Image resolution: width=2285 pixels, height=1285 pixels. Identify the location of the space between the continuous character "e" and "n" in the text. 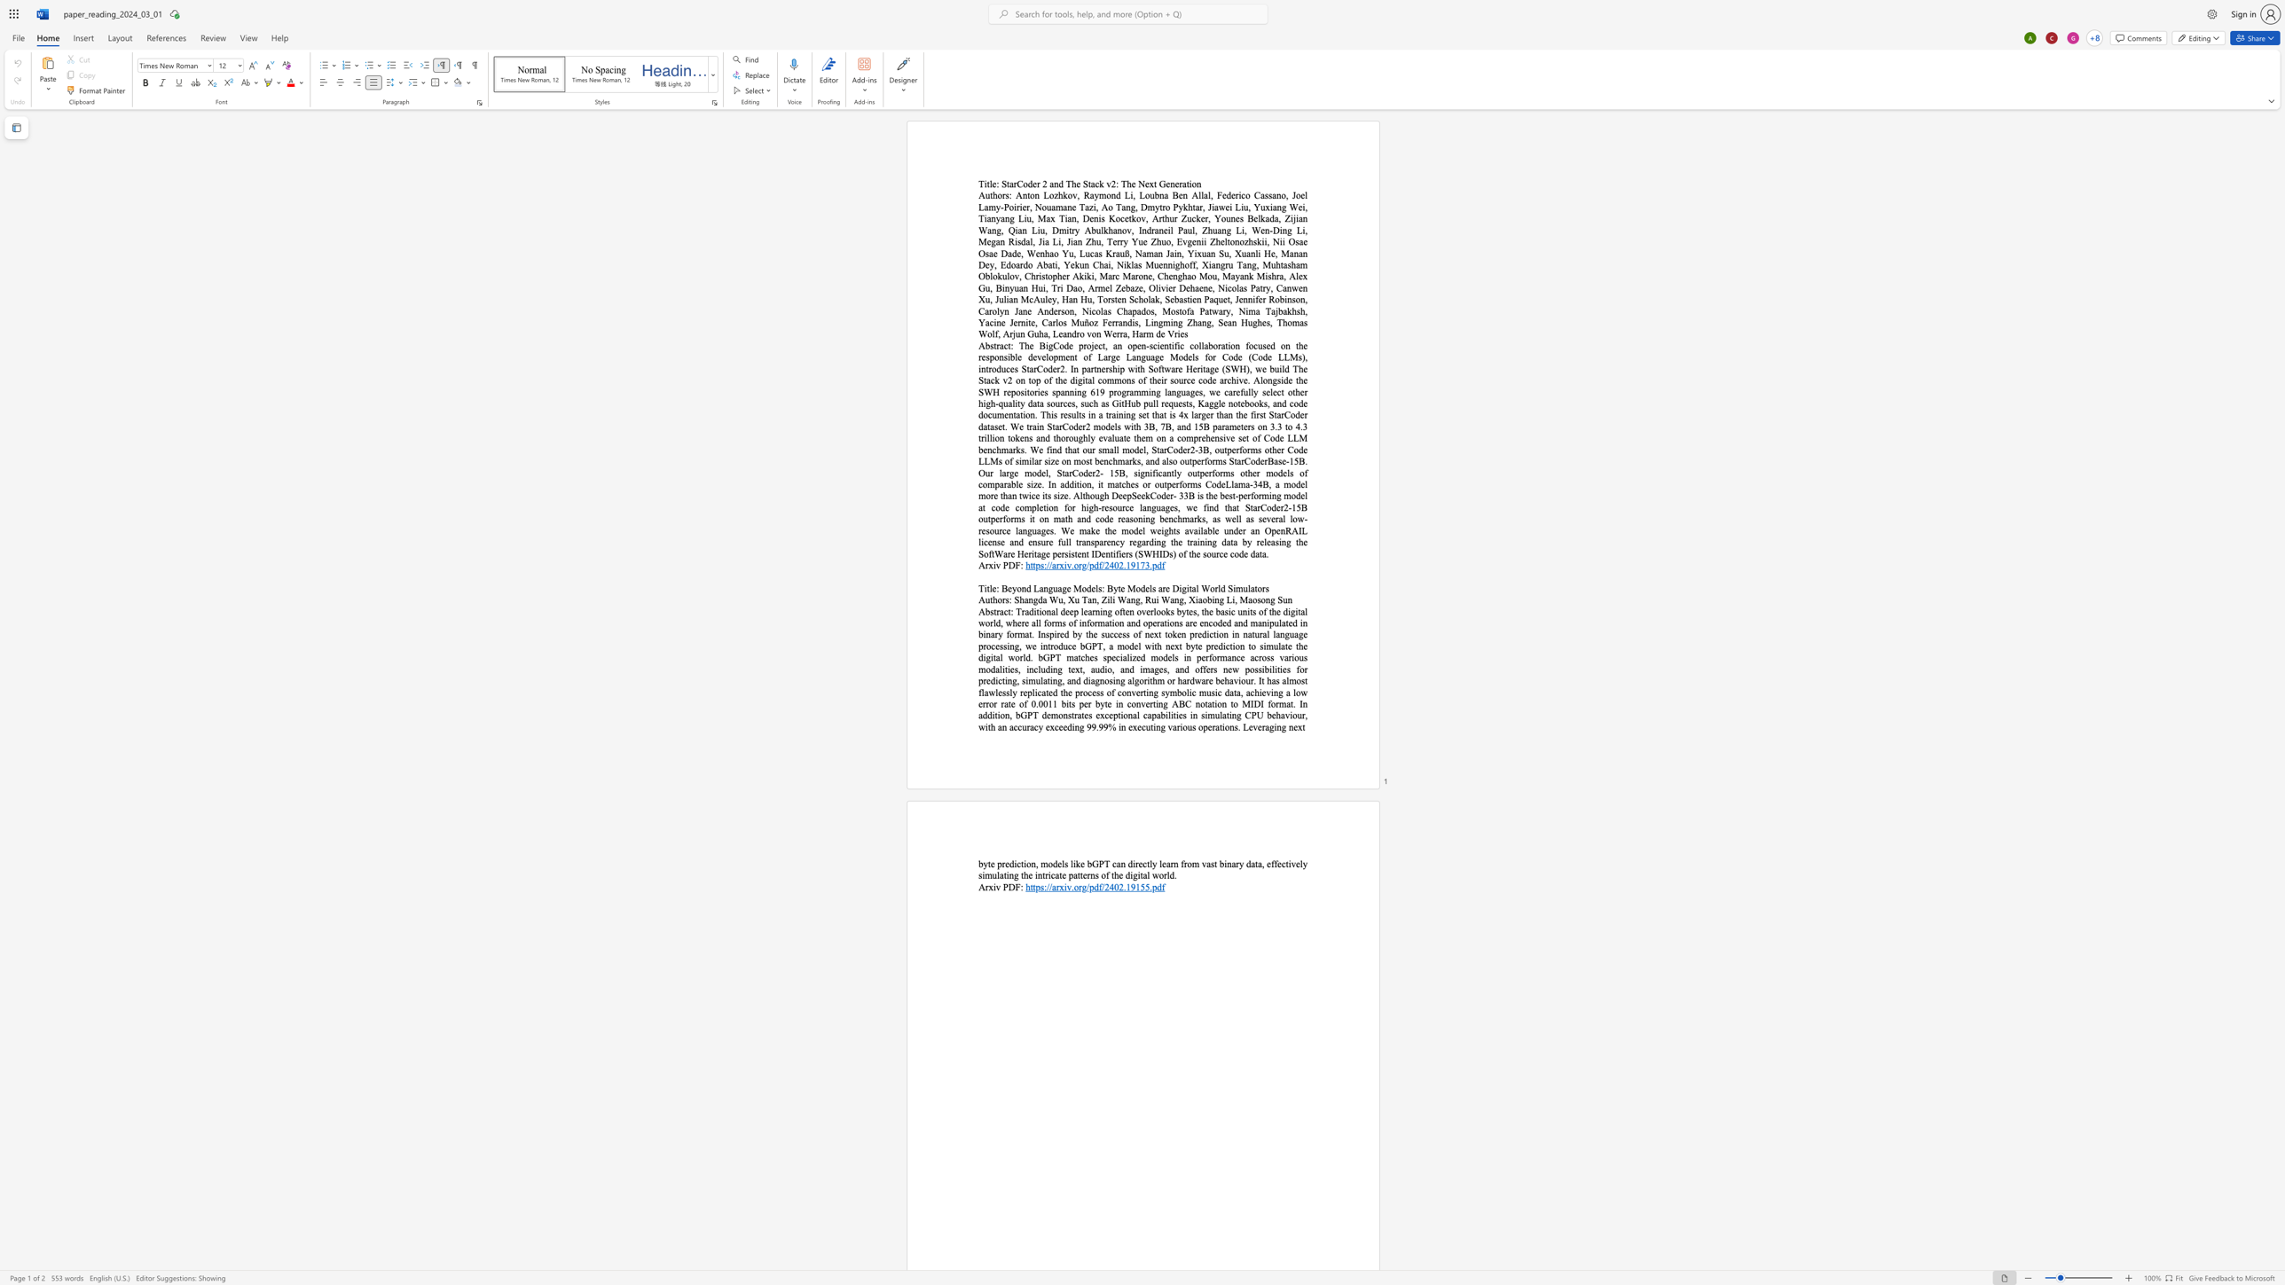
(1170, 184).